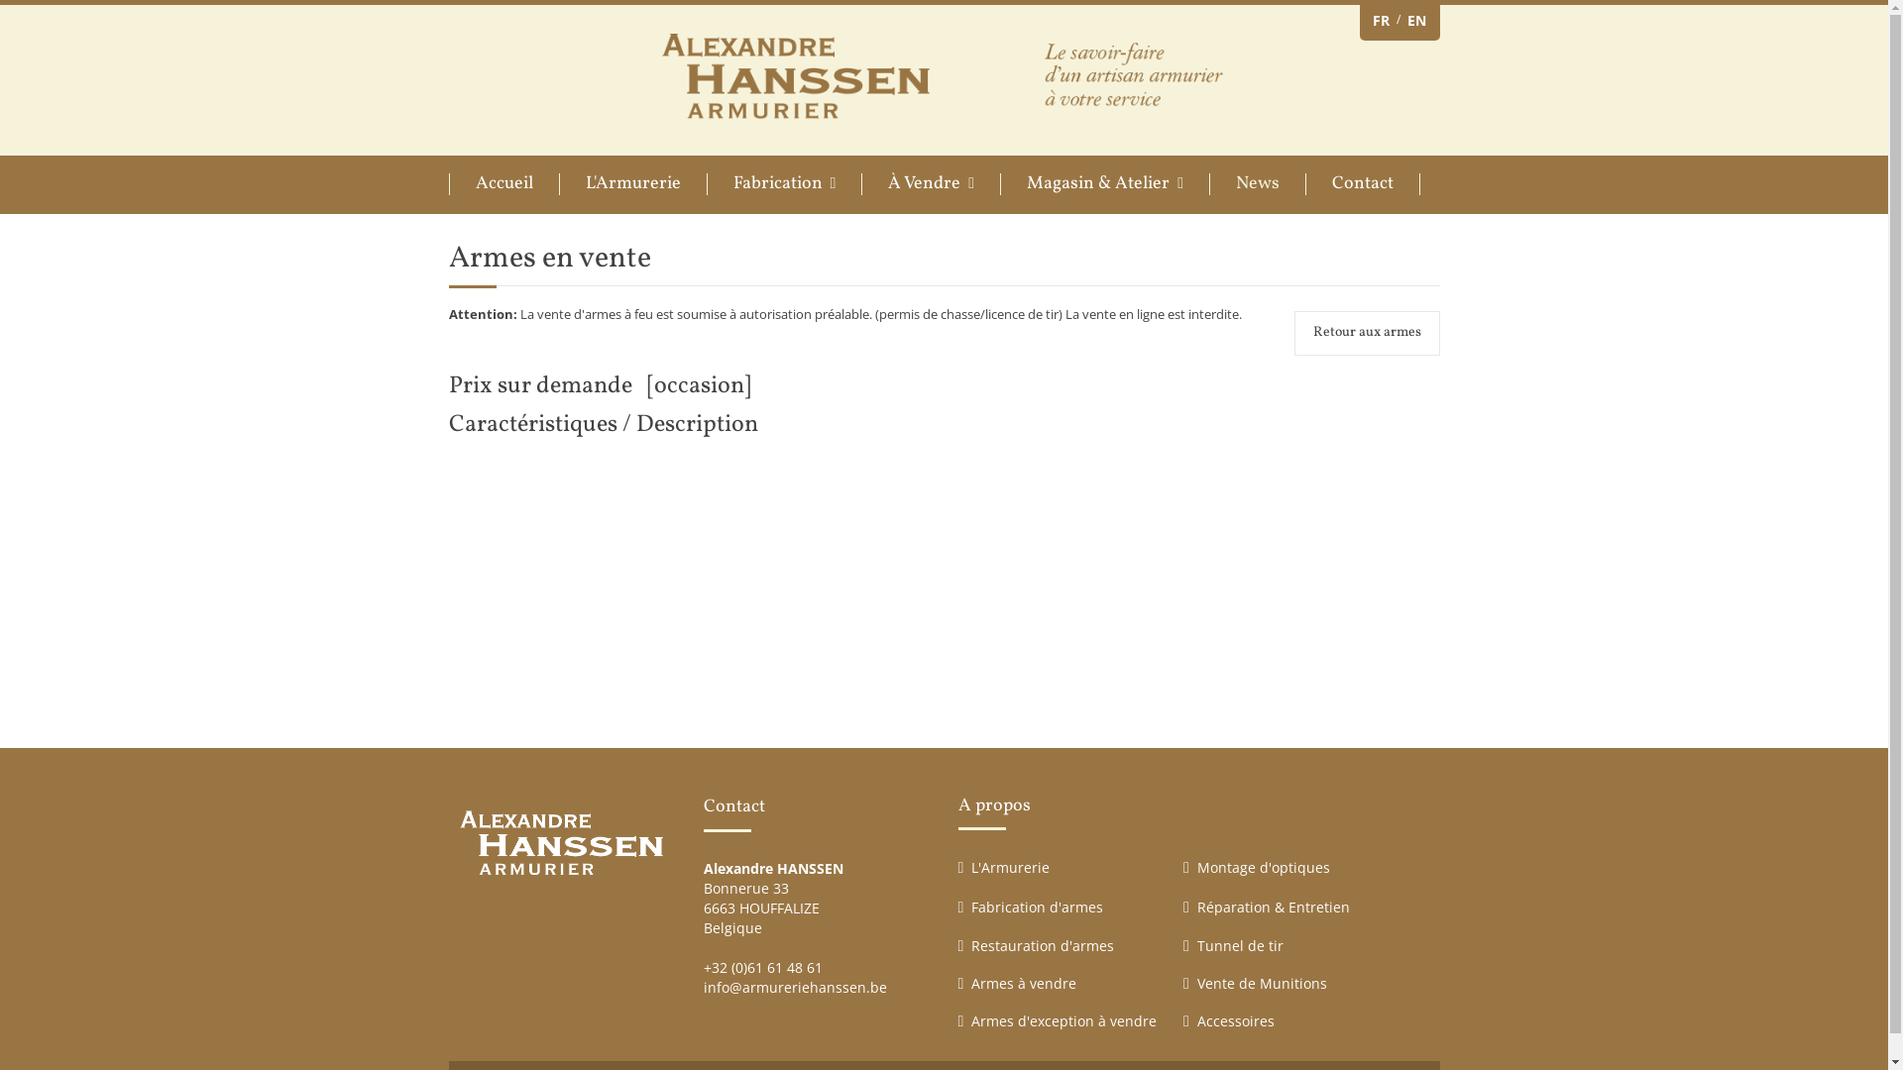 This screenshot has width=1903, height=1070. I want to click on 'Accueil', so click(503, 183).